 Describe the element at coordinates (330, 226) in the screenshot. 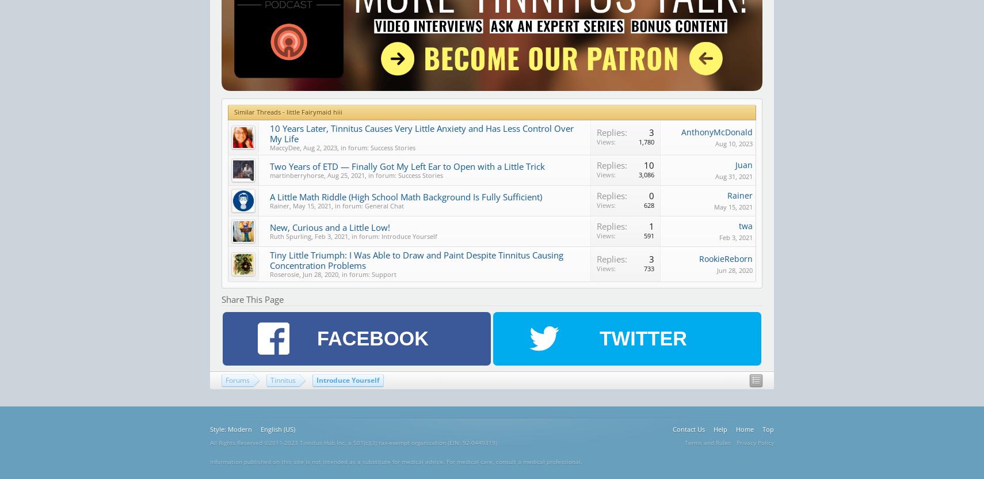

I see `'New, Curious and a Little Low!'` at that location.